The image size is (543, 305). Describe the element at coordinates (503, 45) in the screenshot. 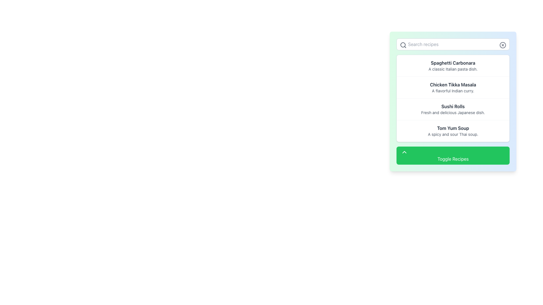

I see `the visual representation of the circular close icon located at the top-right corner of the search box interface` at that location.